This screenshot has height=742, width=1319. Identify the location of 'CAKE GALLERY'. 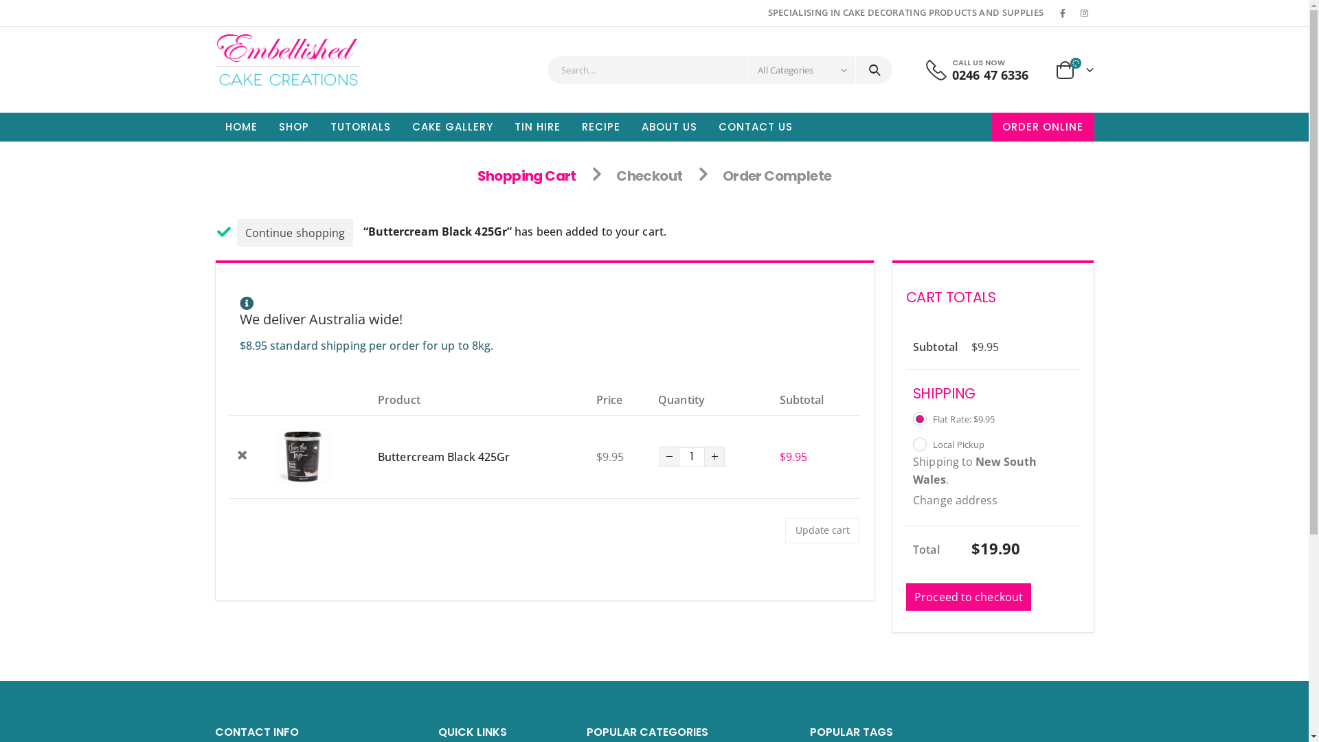
(451, 127).